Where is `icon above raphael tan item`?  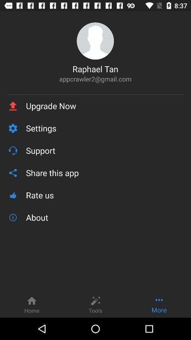 icon above raphael tan item is located at coordinates (95, 41).